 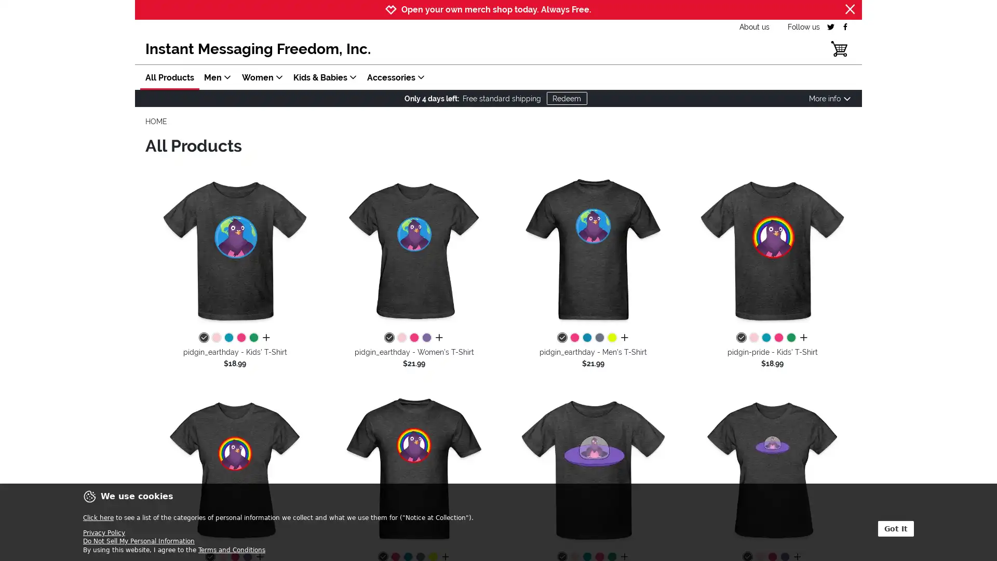 What do you see at coordinates (253, 338) in the screenshot?
I see `kelly green` at bounding box center [253, 338].